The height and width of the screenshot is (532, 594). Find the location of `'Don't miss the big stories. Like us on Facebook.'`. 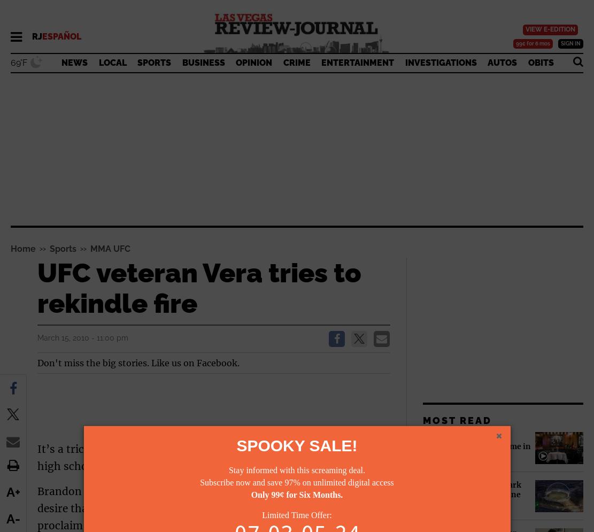

'Don't miss the big stories. Like us on Facebook.' is located at coordinates (138, 361).